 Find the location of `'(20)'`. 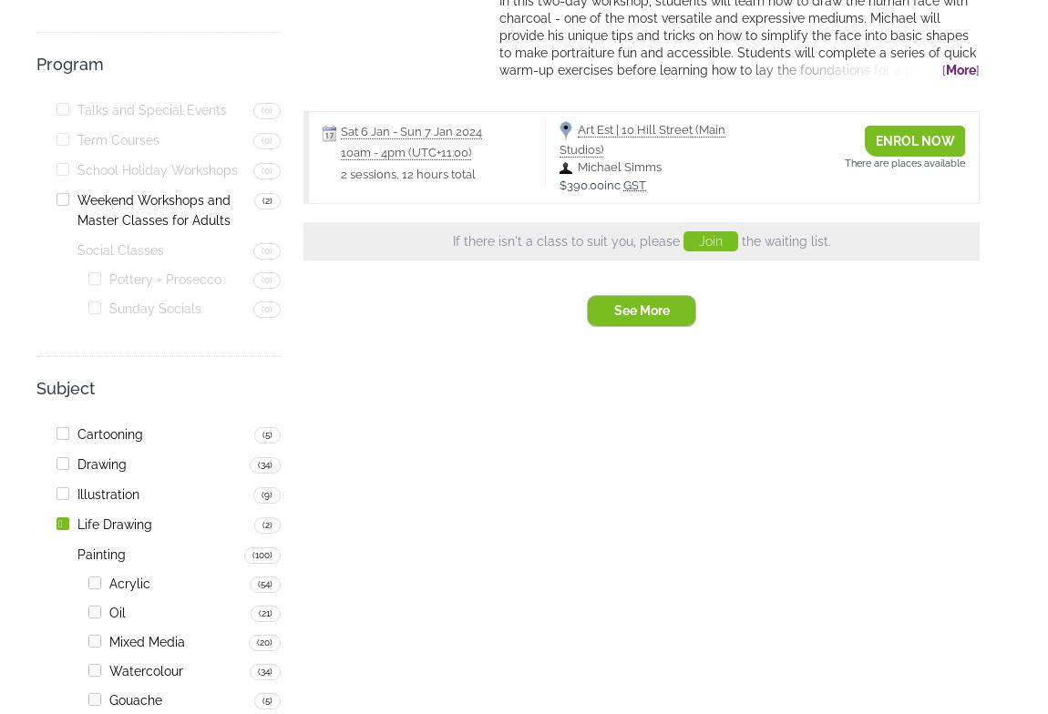

'(20)' is located at coordinates (264, 642).